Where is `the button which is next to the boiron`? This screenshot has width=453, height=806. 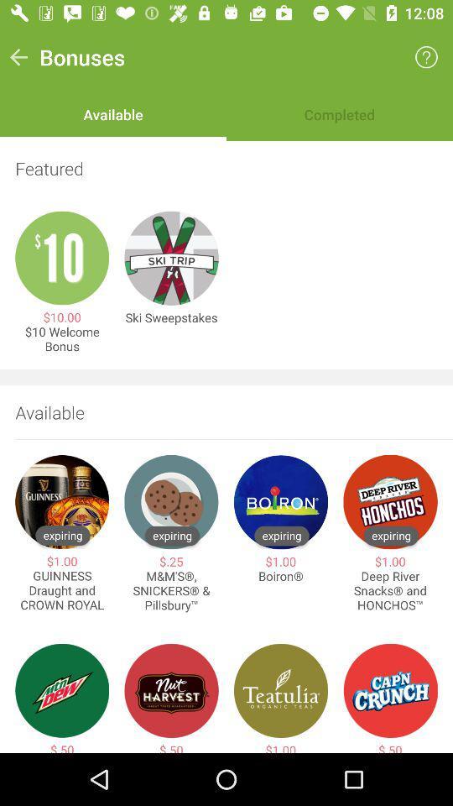
the button which is next to the boiron is located at coordinates (391, 501).